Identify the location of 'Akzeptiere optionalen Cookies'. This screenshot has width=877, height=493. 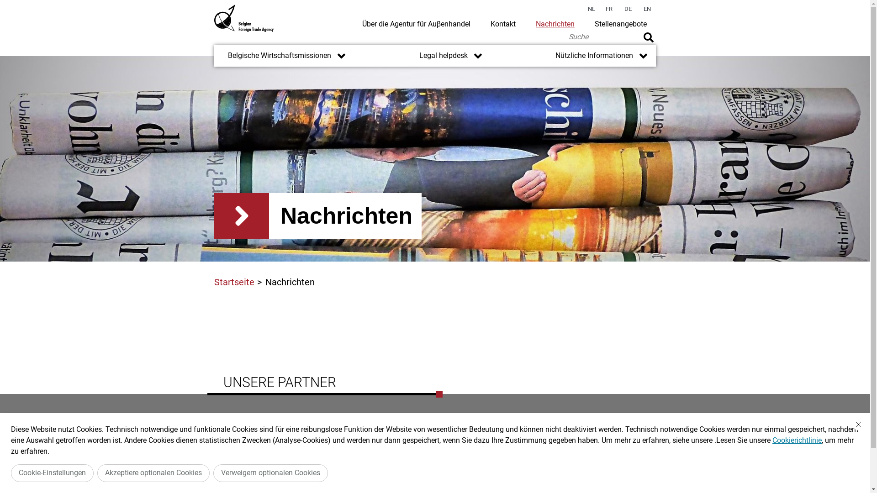
(153, 472).